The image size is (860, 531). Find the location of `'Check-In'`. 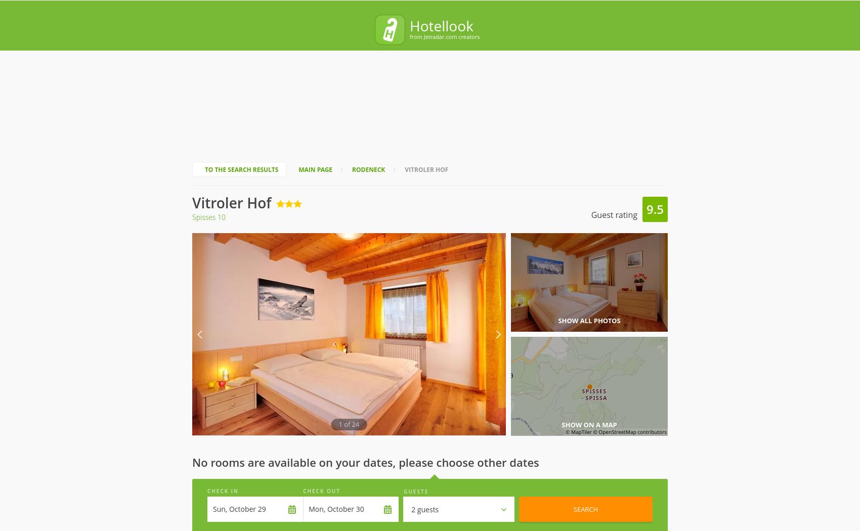

'Check-In' is located at coordinates (319, 267).